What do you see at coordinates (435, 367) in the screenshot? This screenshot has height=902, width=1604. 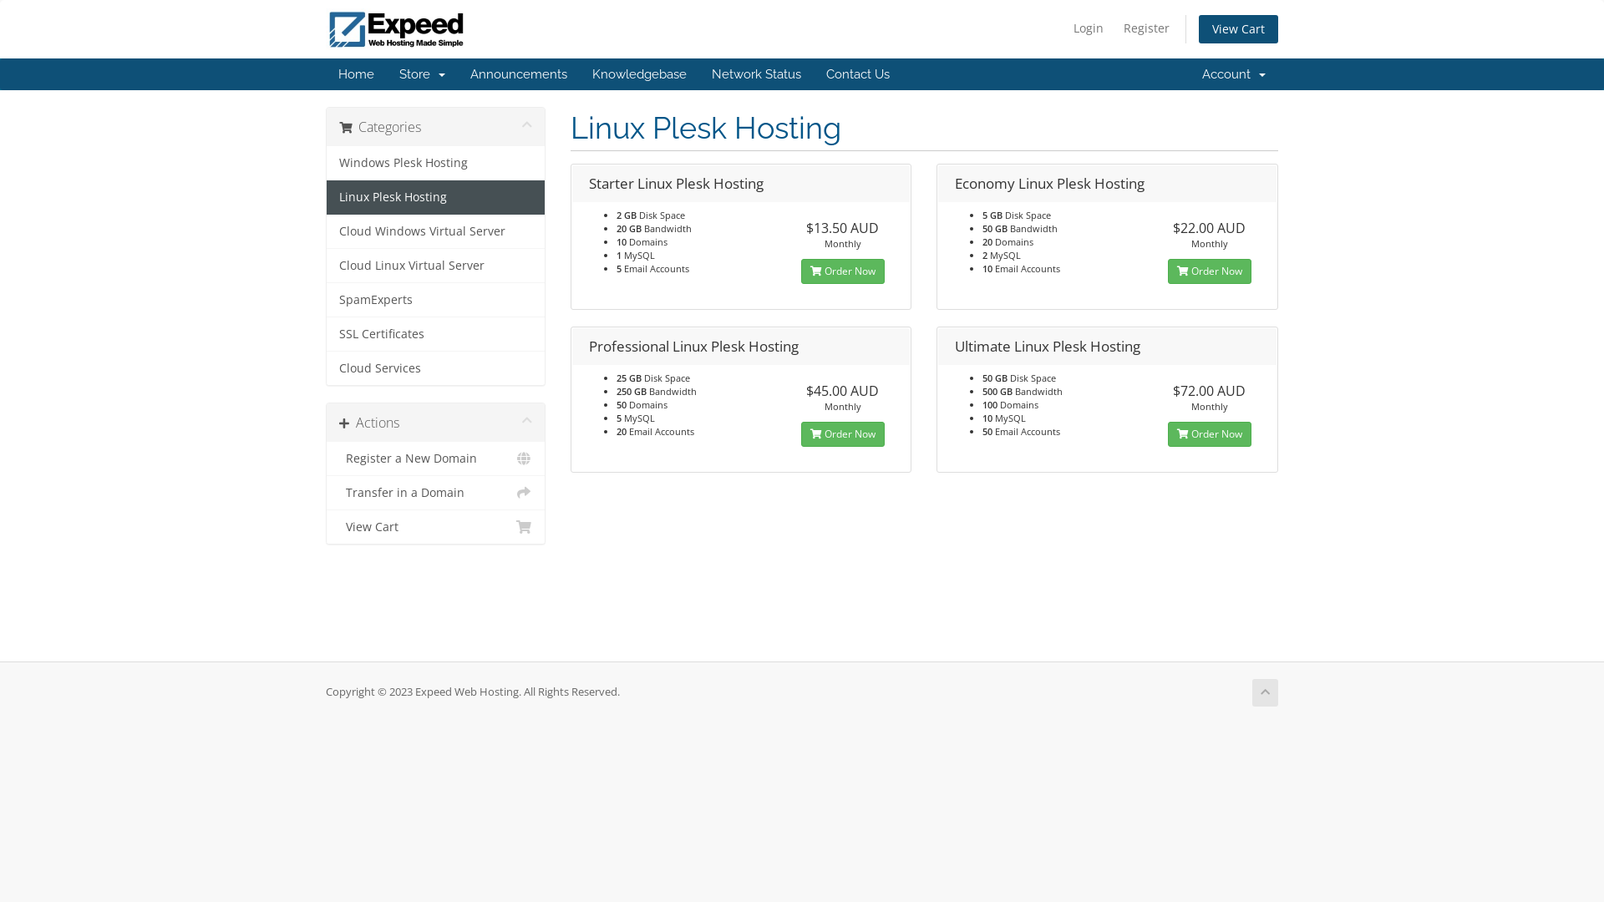 I see `'Cloud Services'` at bounding box center [435, 367].